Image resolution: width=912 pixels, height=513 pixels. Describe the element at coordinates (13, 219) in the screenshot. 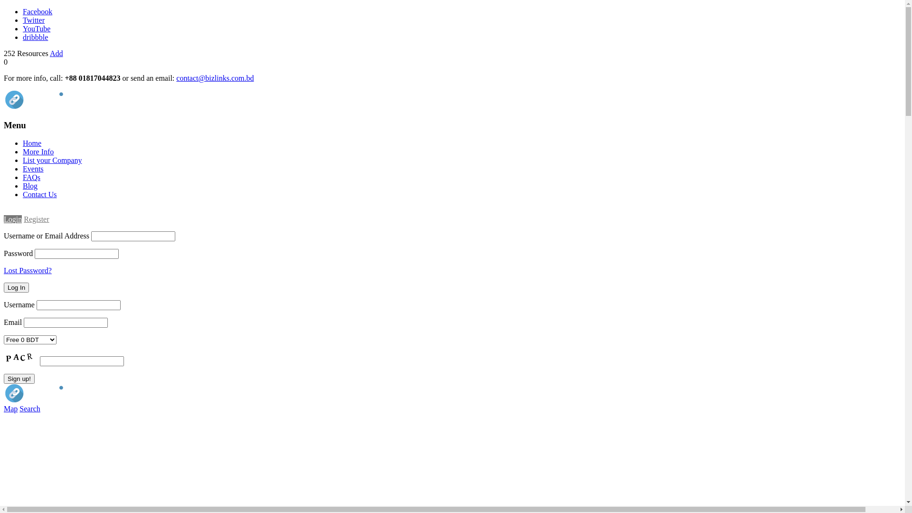

I see `'Login'` at that location.